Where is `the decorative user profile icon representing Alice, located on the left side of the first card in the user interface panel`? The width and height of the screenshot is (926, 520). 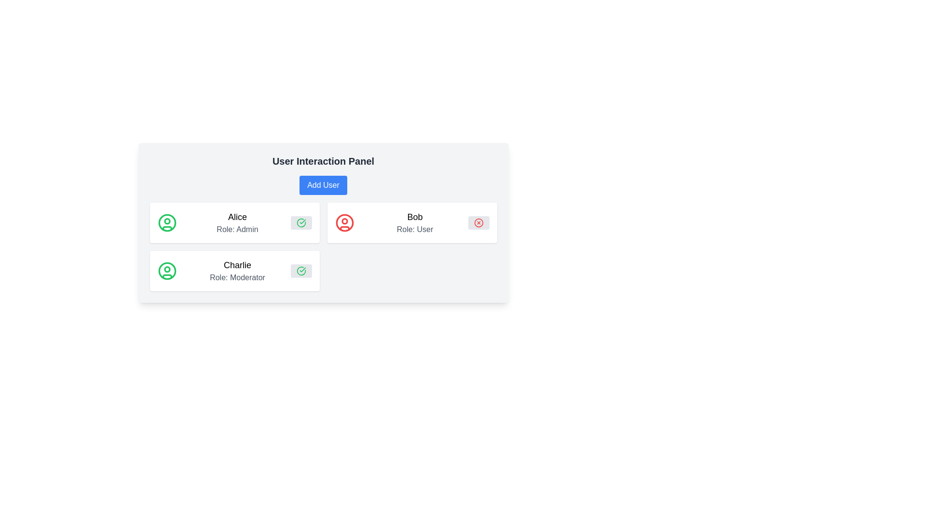
the decorative user profile icon representing Alice, located on the left side of the first card in the user interface panel is located at coordinates (167, 222).